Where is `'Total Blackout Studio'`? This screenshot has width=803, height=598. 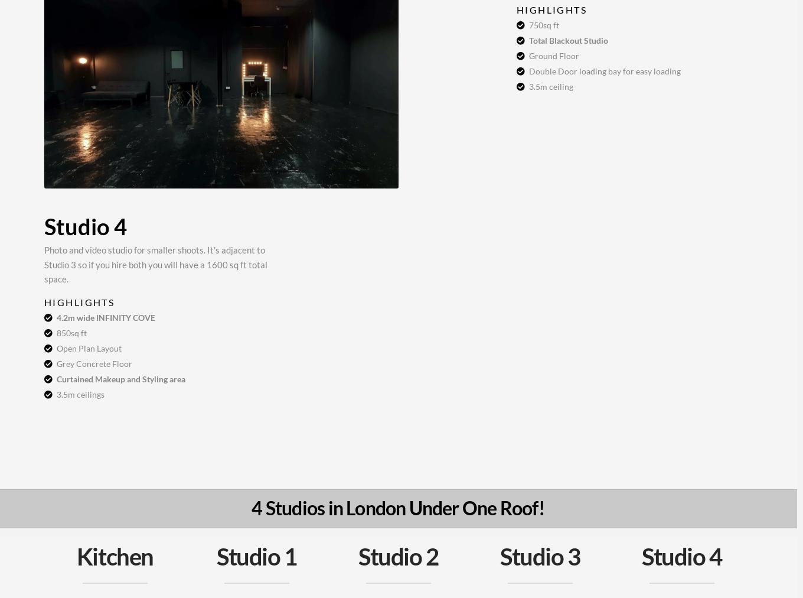
'Total Blackout Studio' is located at coordinates (569, 40).